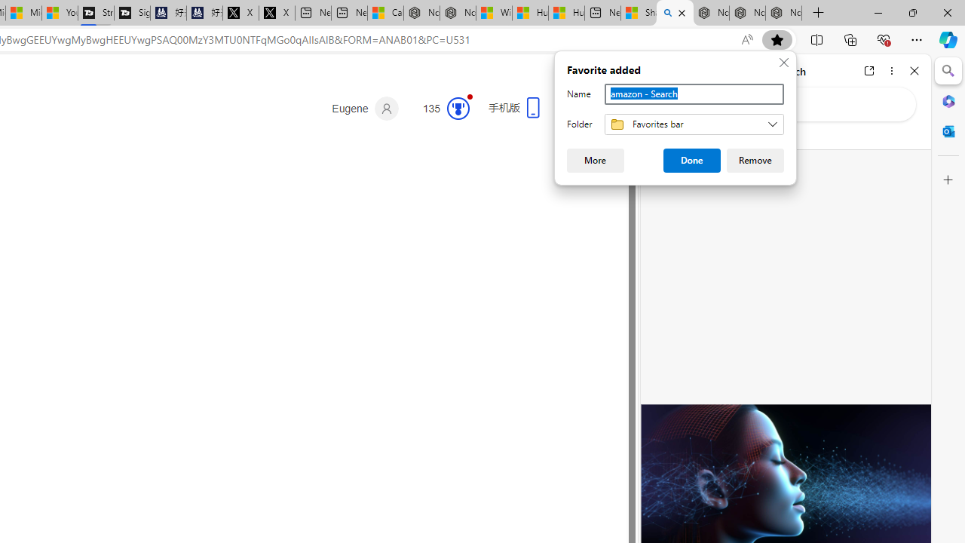  Describe the element at coordinates (948, 179) in the screenshot. I see `'Customize'` at that location.